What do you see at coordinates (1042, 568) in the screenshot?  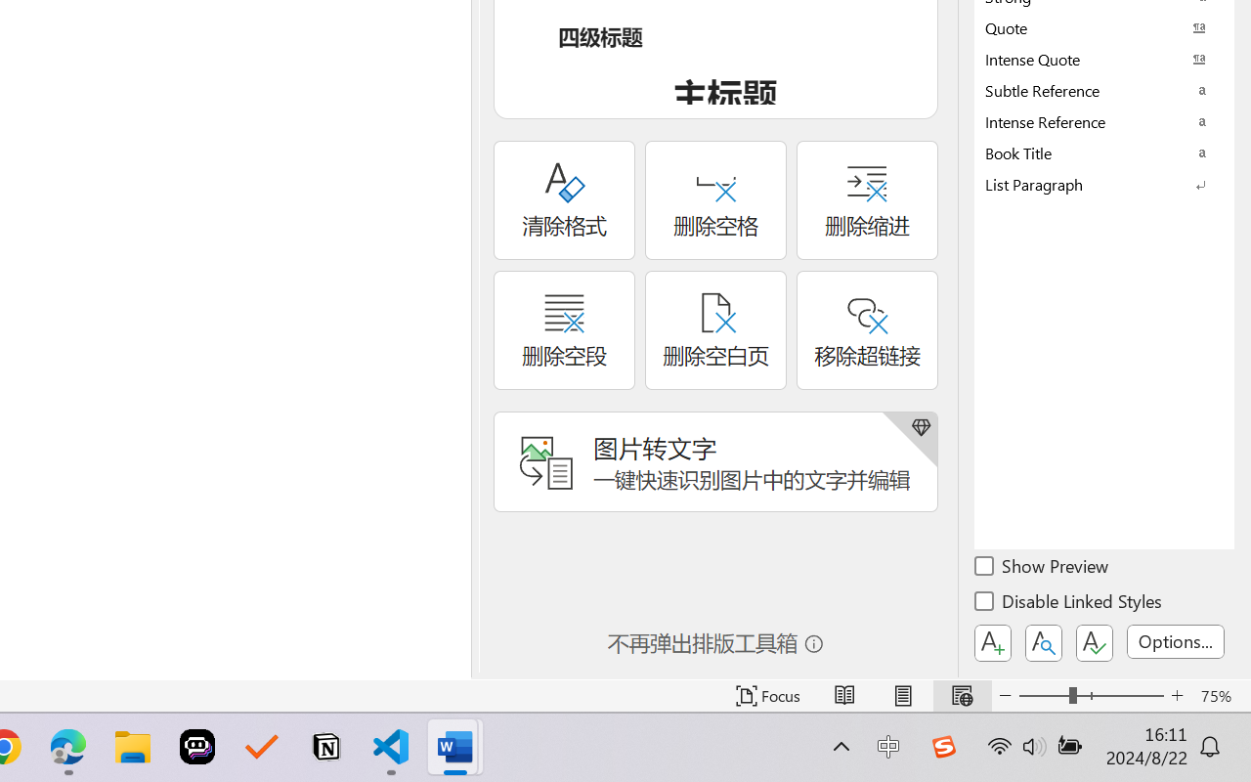 I see `'Show Preview'` at bounding box center [1042, 568].